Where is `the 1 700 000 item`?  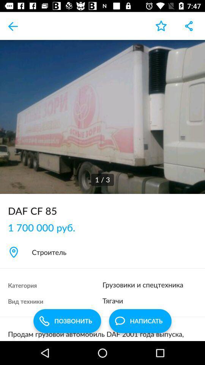
the 1 700 000 item is located at coordinates (46, 227).